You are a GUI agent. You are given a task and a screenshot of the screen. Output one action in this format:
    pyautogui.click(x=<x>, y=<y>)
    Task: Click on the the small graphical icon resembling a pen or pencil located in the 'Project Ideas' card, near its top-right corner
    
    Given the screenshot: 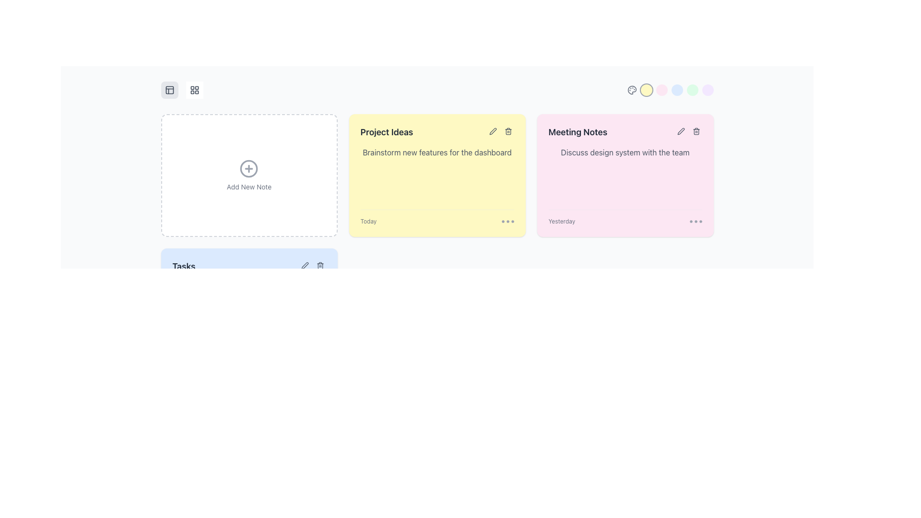 What is the action you would take?
    pyautogui.click(x=493, y=131)
    